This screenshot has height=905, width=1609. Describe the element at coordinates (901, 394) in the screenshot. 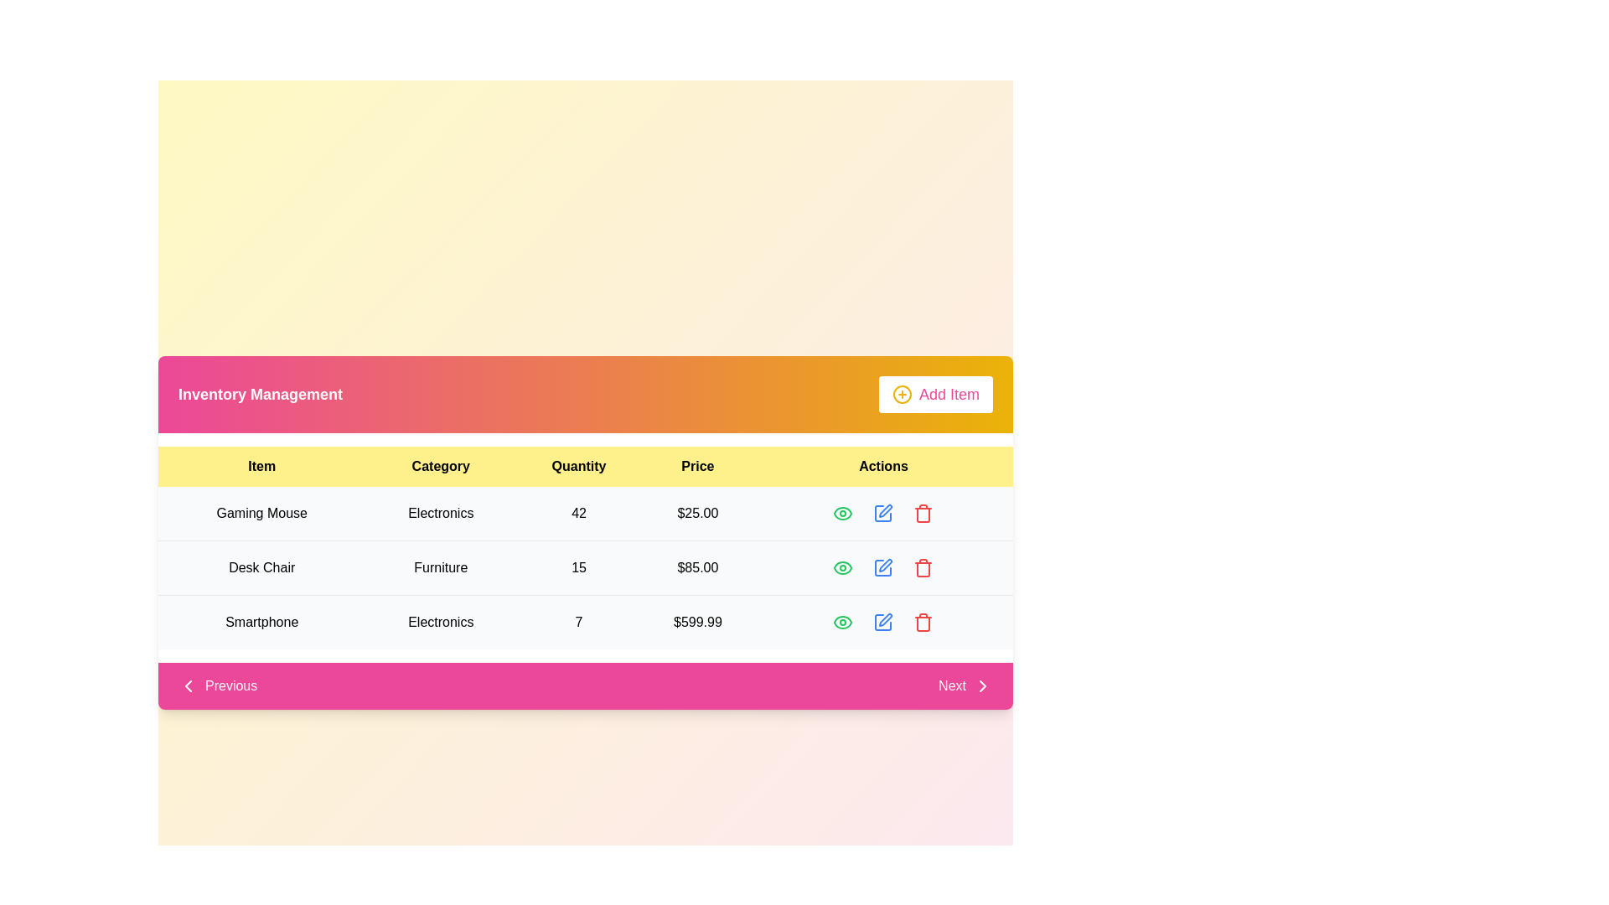

I see `the icon representing the action of adding an item, which is located to the left of the 'Add Item' text in the top right corner of the user interface` at that location.